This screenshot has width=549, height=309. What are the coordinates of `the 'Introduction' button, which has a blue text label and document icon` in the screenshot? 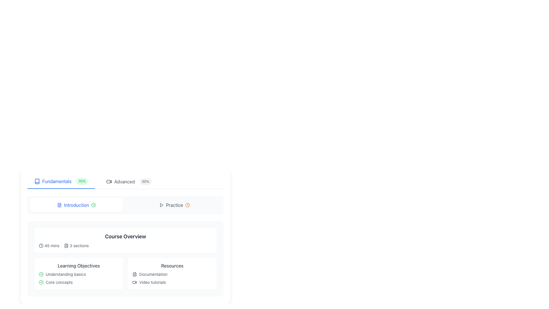 It's located at (76, 205).